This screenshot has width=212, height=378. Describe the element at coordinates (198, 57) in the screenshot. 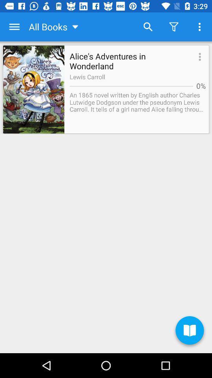

I see `the icon to the right of alice s adventures app` at that location.